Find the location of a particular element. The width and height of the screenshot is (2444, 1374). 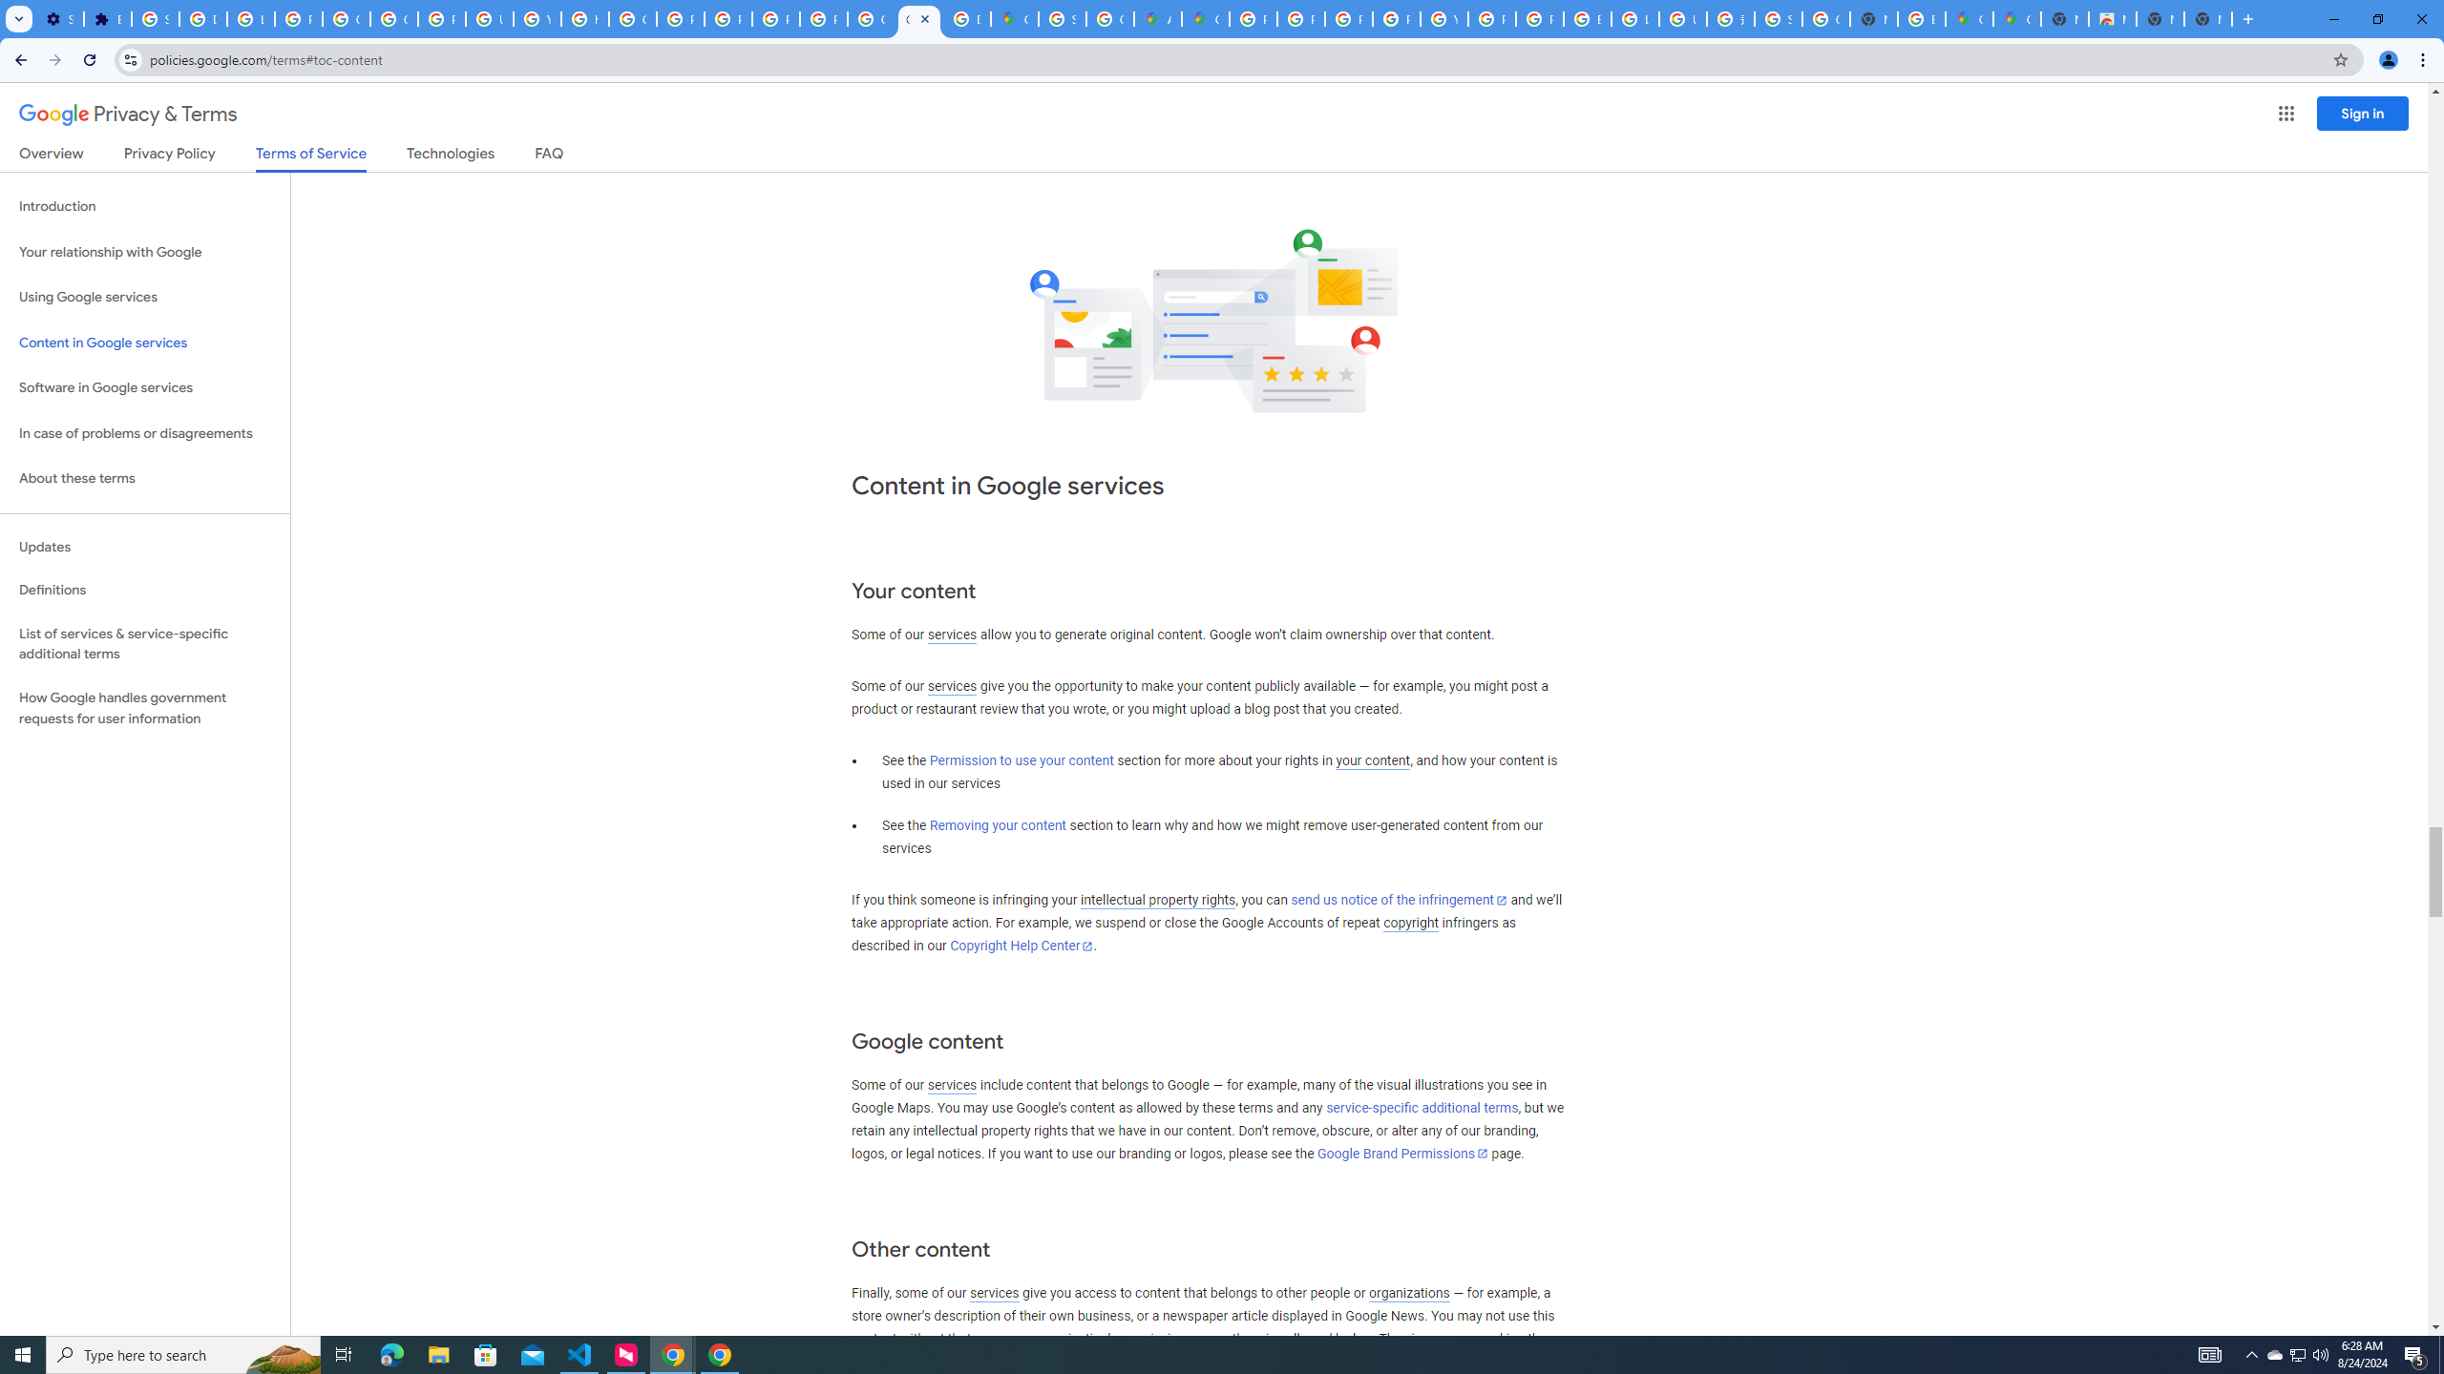

'How Google handles government requests for user information' is located at coordinates (144, 708).